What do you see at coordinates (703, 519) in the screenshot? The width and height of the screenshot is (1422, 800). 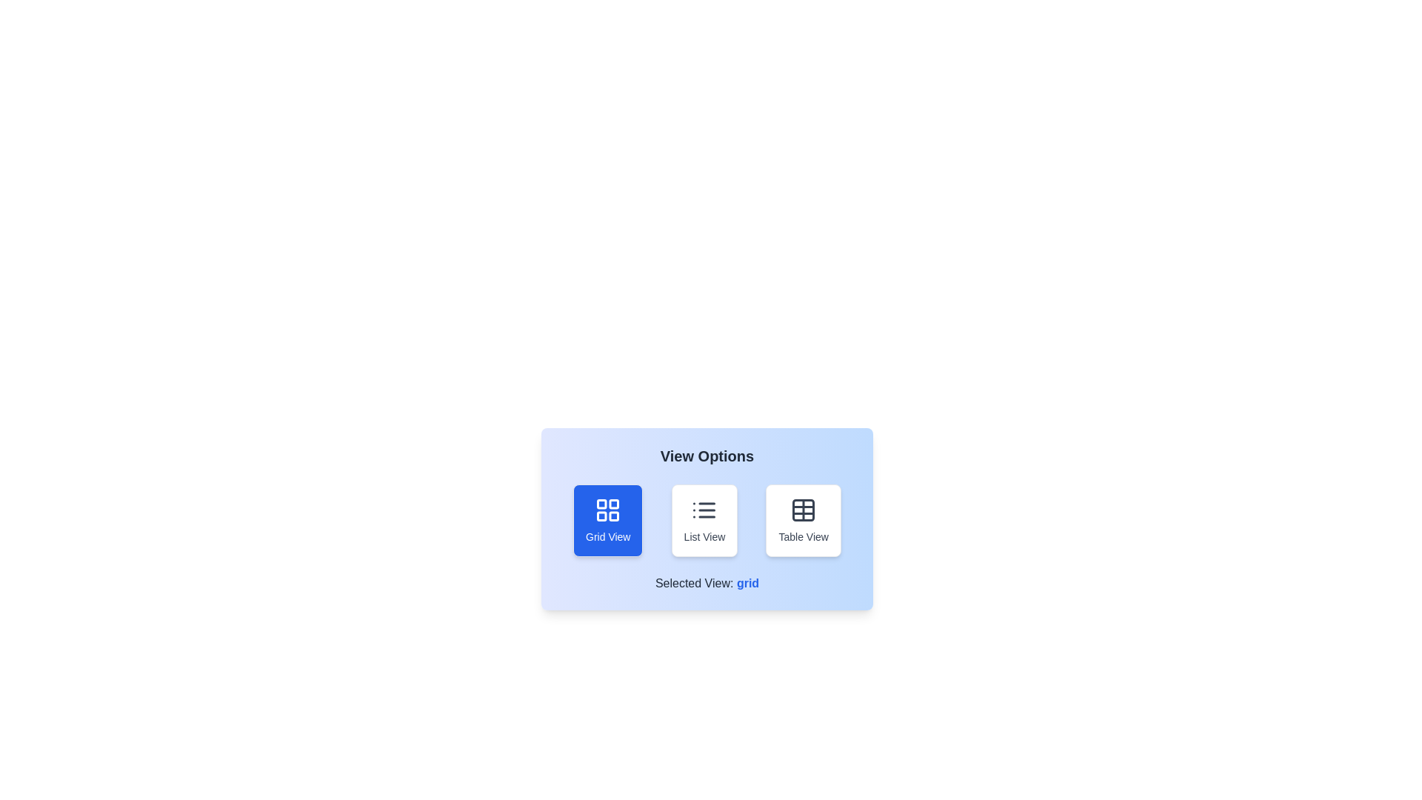 I see `the button corresponding to the view type 'List View' to select it` at bounding box center [703, 519].